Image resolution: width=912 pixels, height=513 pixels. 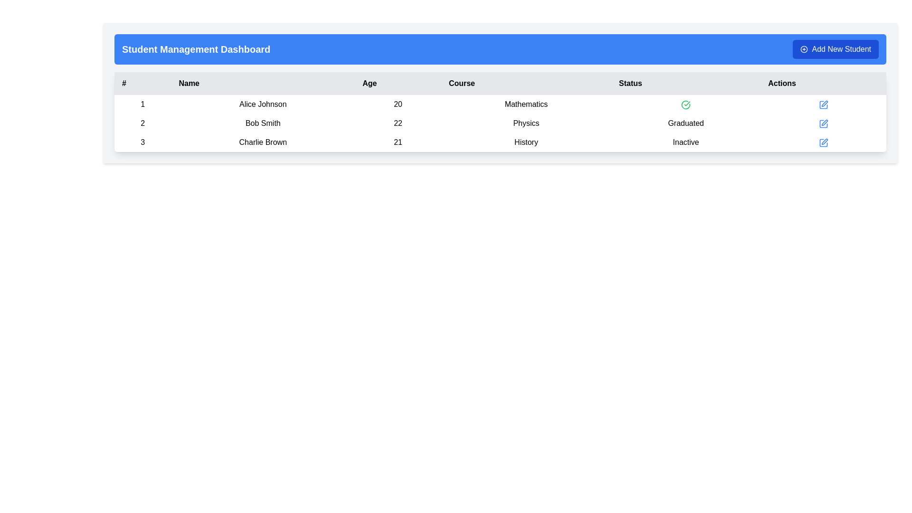 What do you see at coordinates (823, 104) in the screenshot?
I see `the edit button with an icon located in the 'Actions' column of the last row in the data table for user 'Charlie Brown'` at bounding box center [823, 104].